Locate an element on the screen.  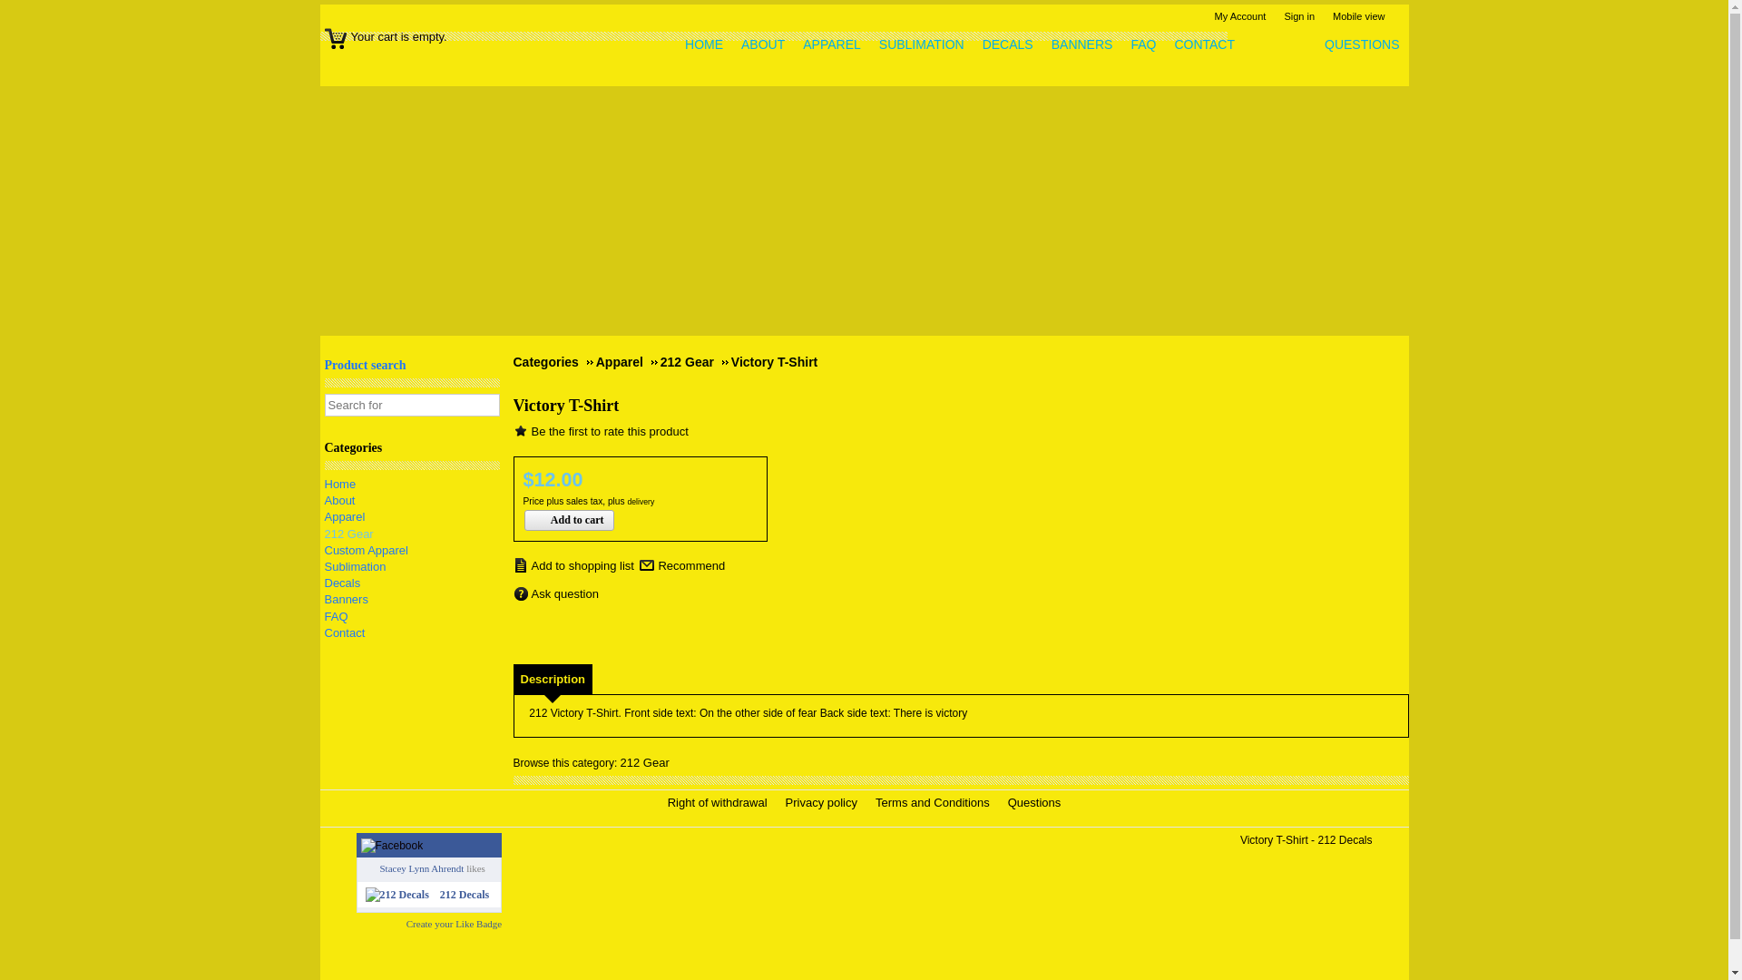
'Add to shopping list' is located at coordinates (573, 564).